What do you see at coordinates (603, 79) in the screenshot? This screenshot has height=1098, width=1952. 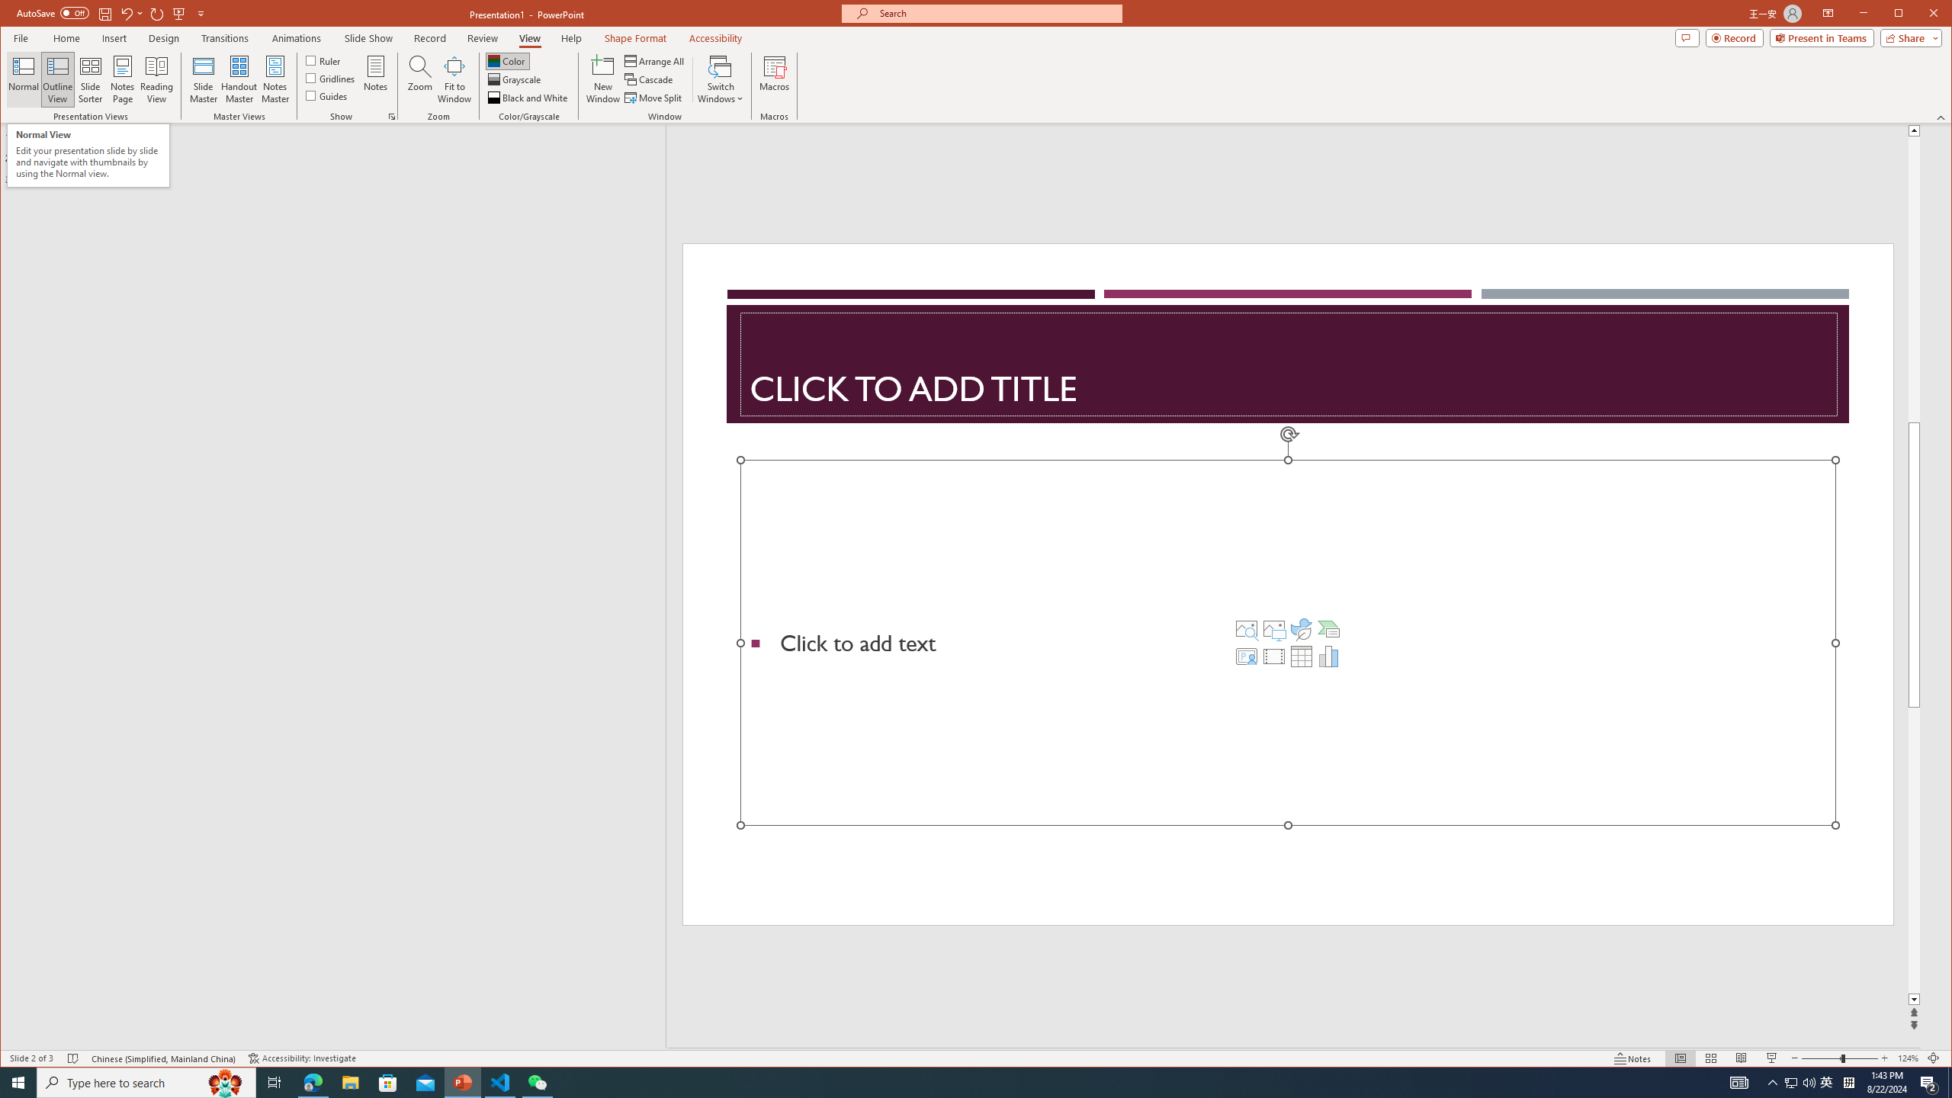 I see `'New Window'` at bounding box center [603, 79].